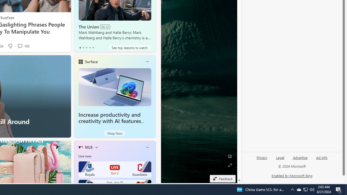 Image resolution: width=347 pixels, height=195 pixels. What do you see at coordinates (91, 61) in the screenshot?
I see `'Surface'` at bounding box center [91, 61].